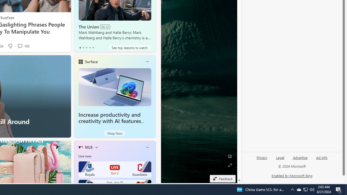 Image resolution: width=347 pixels, height=195 pixels. What do you see at coordinates (91, 61) in the screenshot?
I see `'Surface'` at bounding box center [91, 61].